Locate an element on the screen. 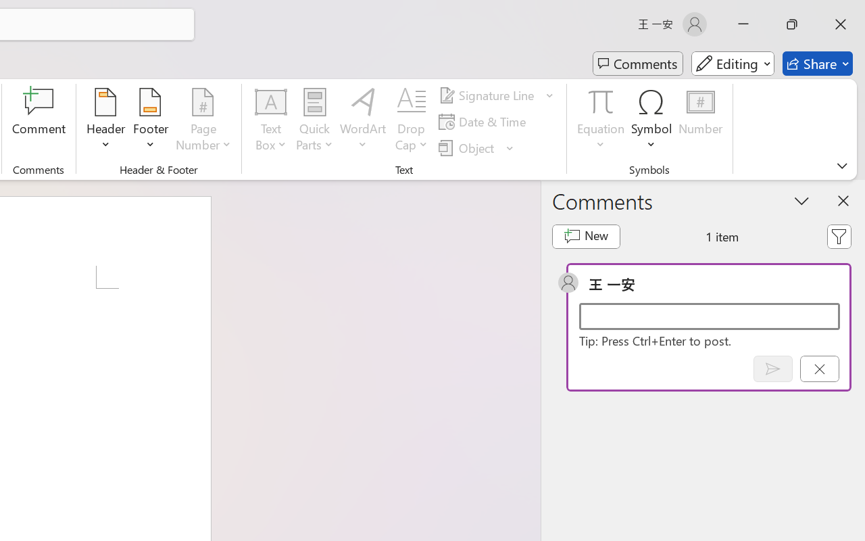 This screenshot has width=865, height=541. 'Text Box' is located at coordinates (270, 121).